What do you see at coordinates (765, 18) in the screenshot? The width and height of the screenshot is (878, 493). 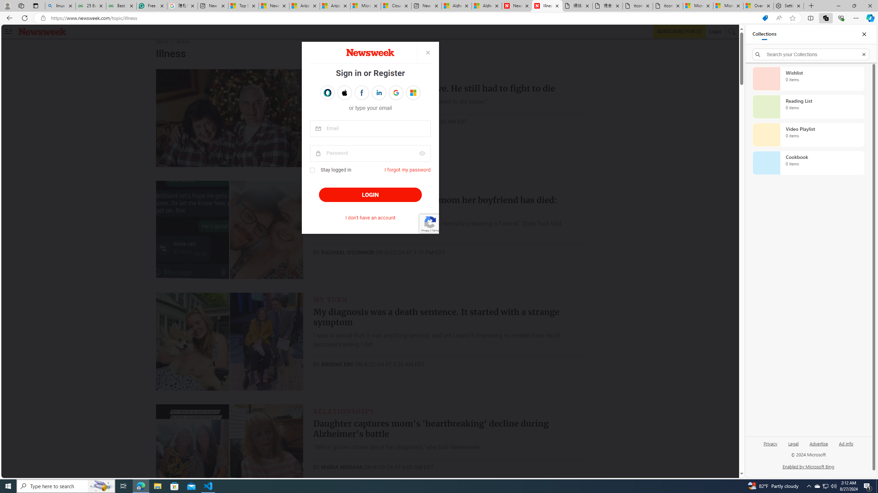 I see `'Shopping in Microsoft Edge'` at bounding box center [765, 18].